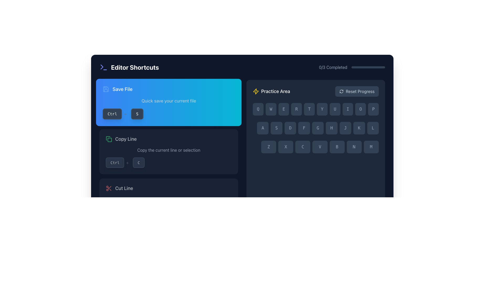  I want to click on the progress indicator displaying '0/3 Completed' with a slim progress bar at the top-right corner of the interface, so click(352, 67).